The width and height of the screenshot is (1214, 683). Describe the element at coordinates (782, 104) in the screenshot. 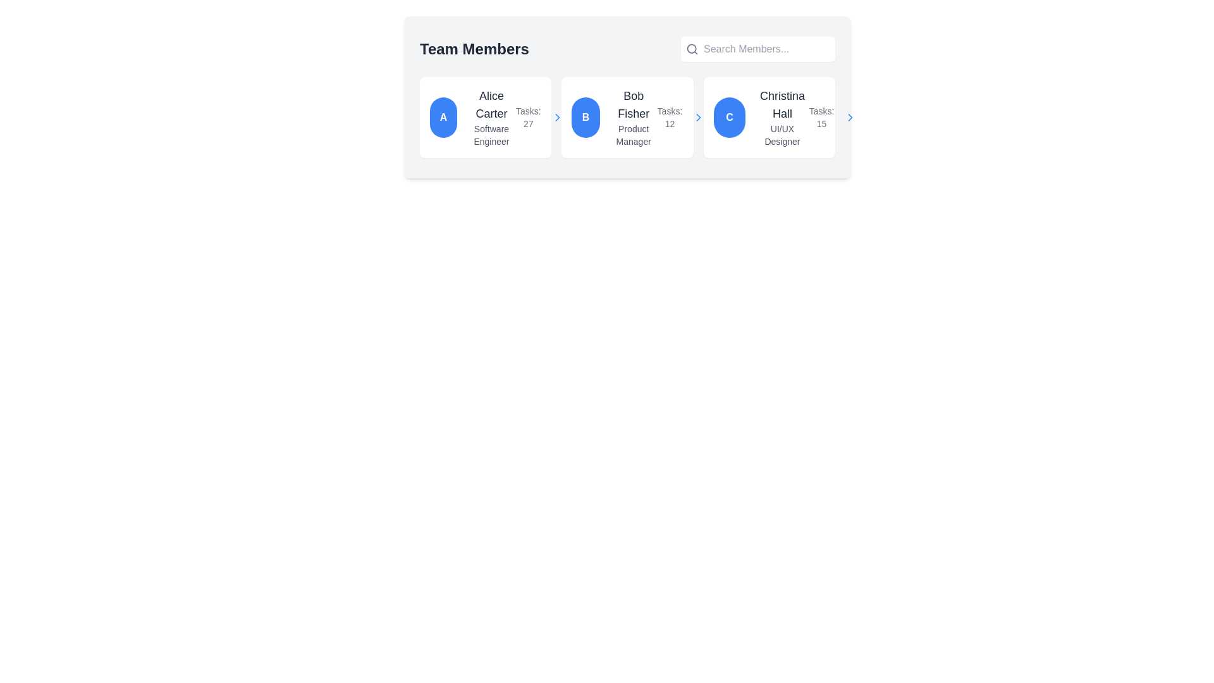

I see `the text label displaying the name 'Christina Hall', which is prominently styled in a large, bold, gray font, located in the third card of the team member cards` at that location.